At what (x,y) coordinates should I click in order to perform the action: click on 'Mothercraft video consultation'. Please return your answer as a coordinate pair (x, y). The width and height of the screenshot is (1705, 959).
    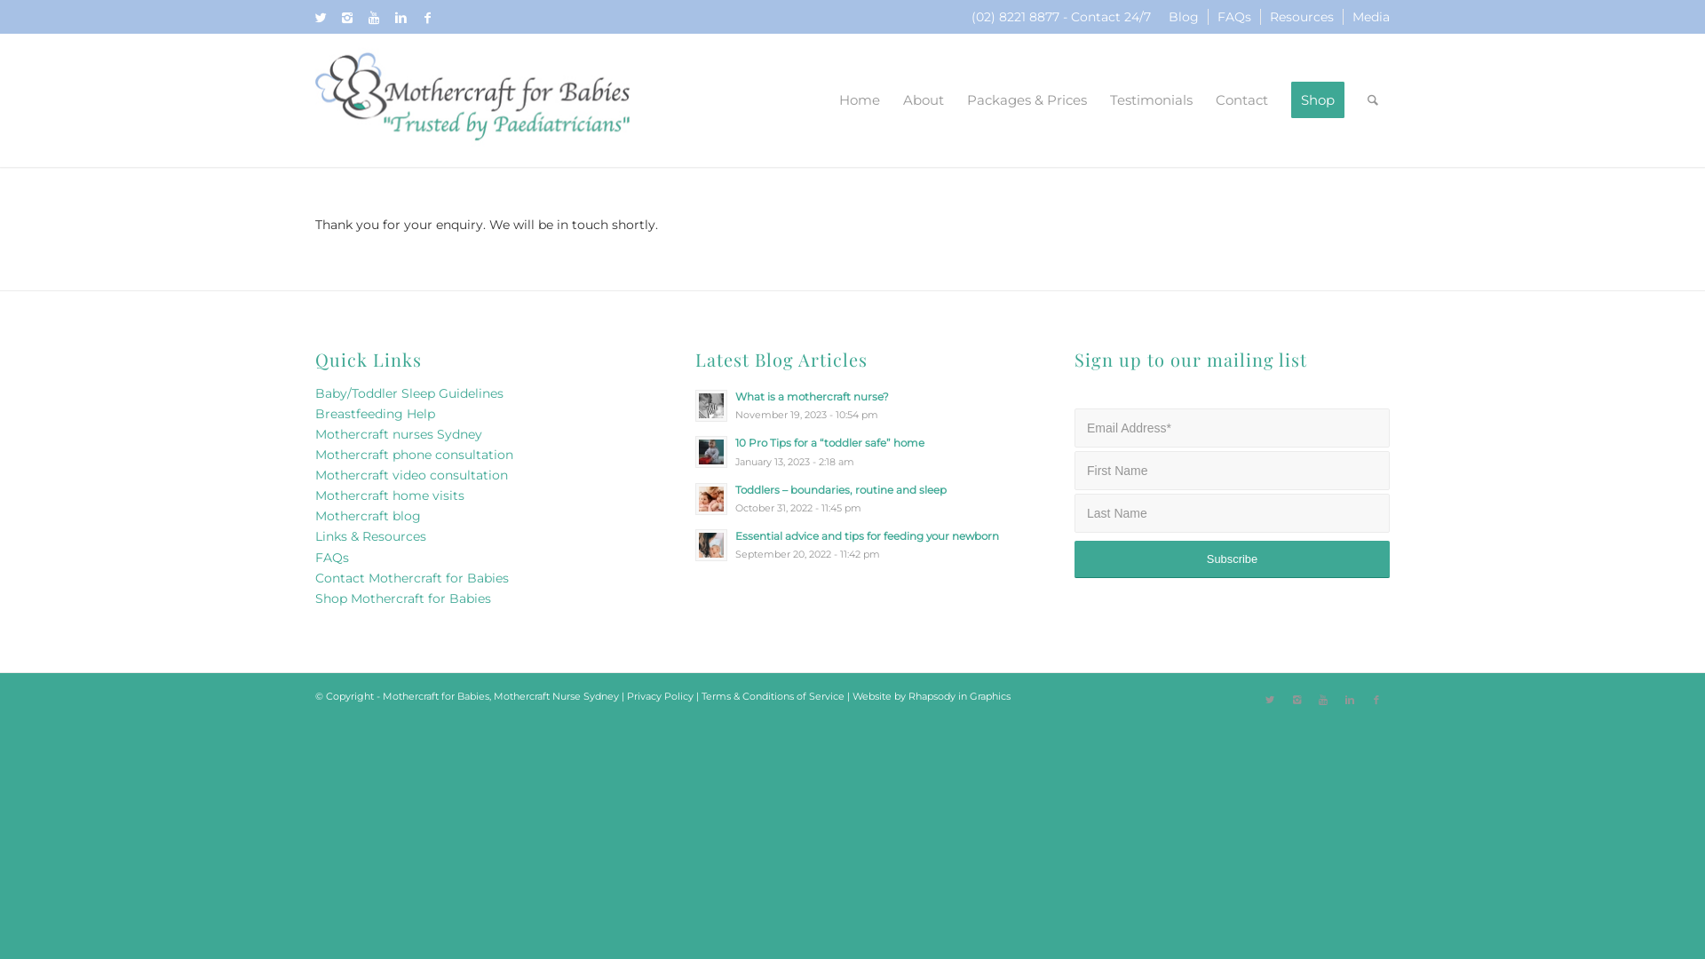
    Looking at the image, I should click on (410, 474).